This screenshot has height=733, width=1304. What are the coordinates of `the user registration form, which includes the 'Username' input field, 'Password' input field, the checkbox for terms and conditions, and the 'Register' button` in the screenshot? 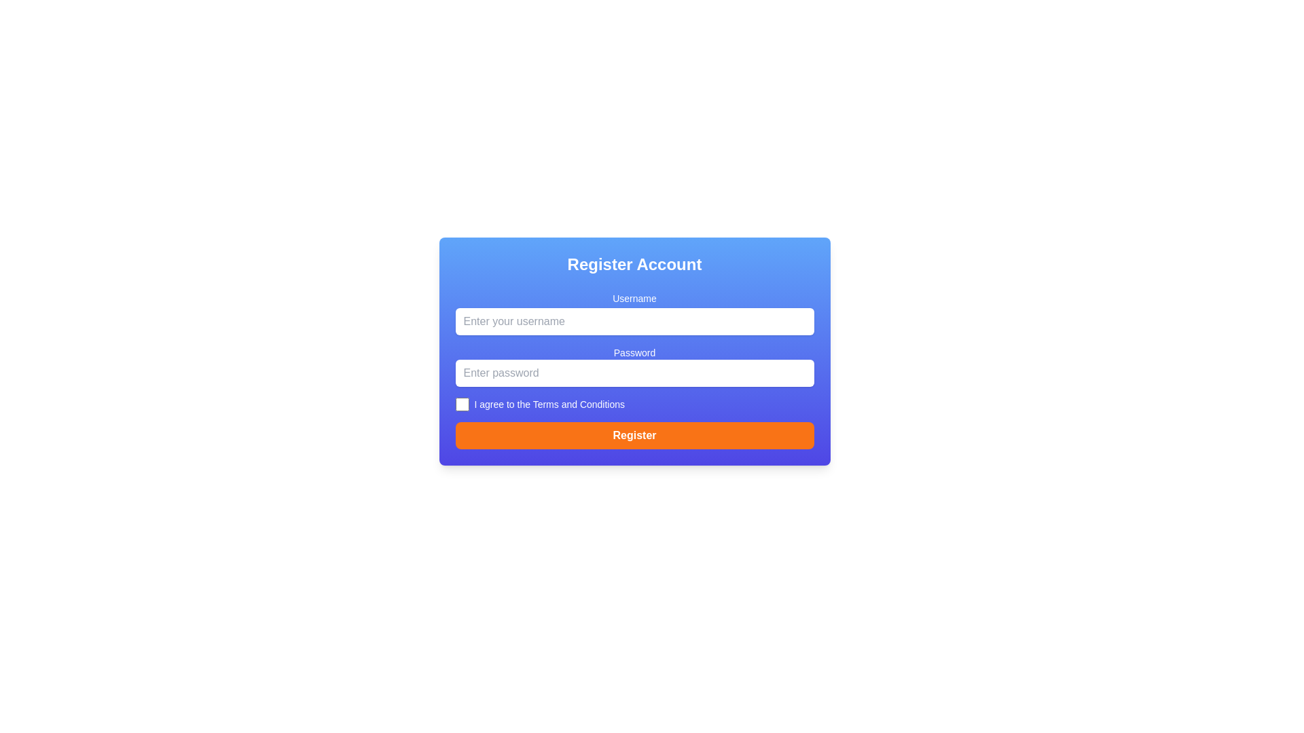 It's located at (634, 371).